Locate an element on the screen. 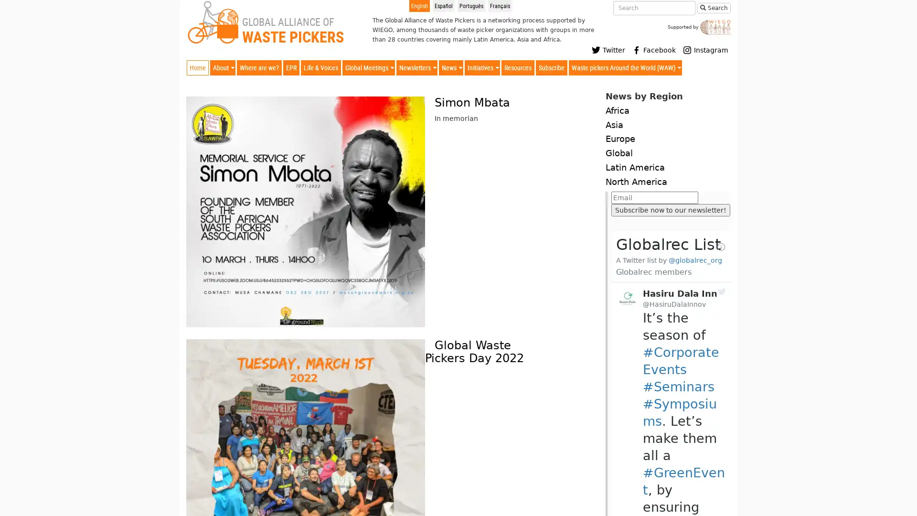 The width and height of the screenshot is (917, 516). Search is located at coordinates (714, 8).